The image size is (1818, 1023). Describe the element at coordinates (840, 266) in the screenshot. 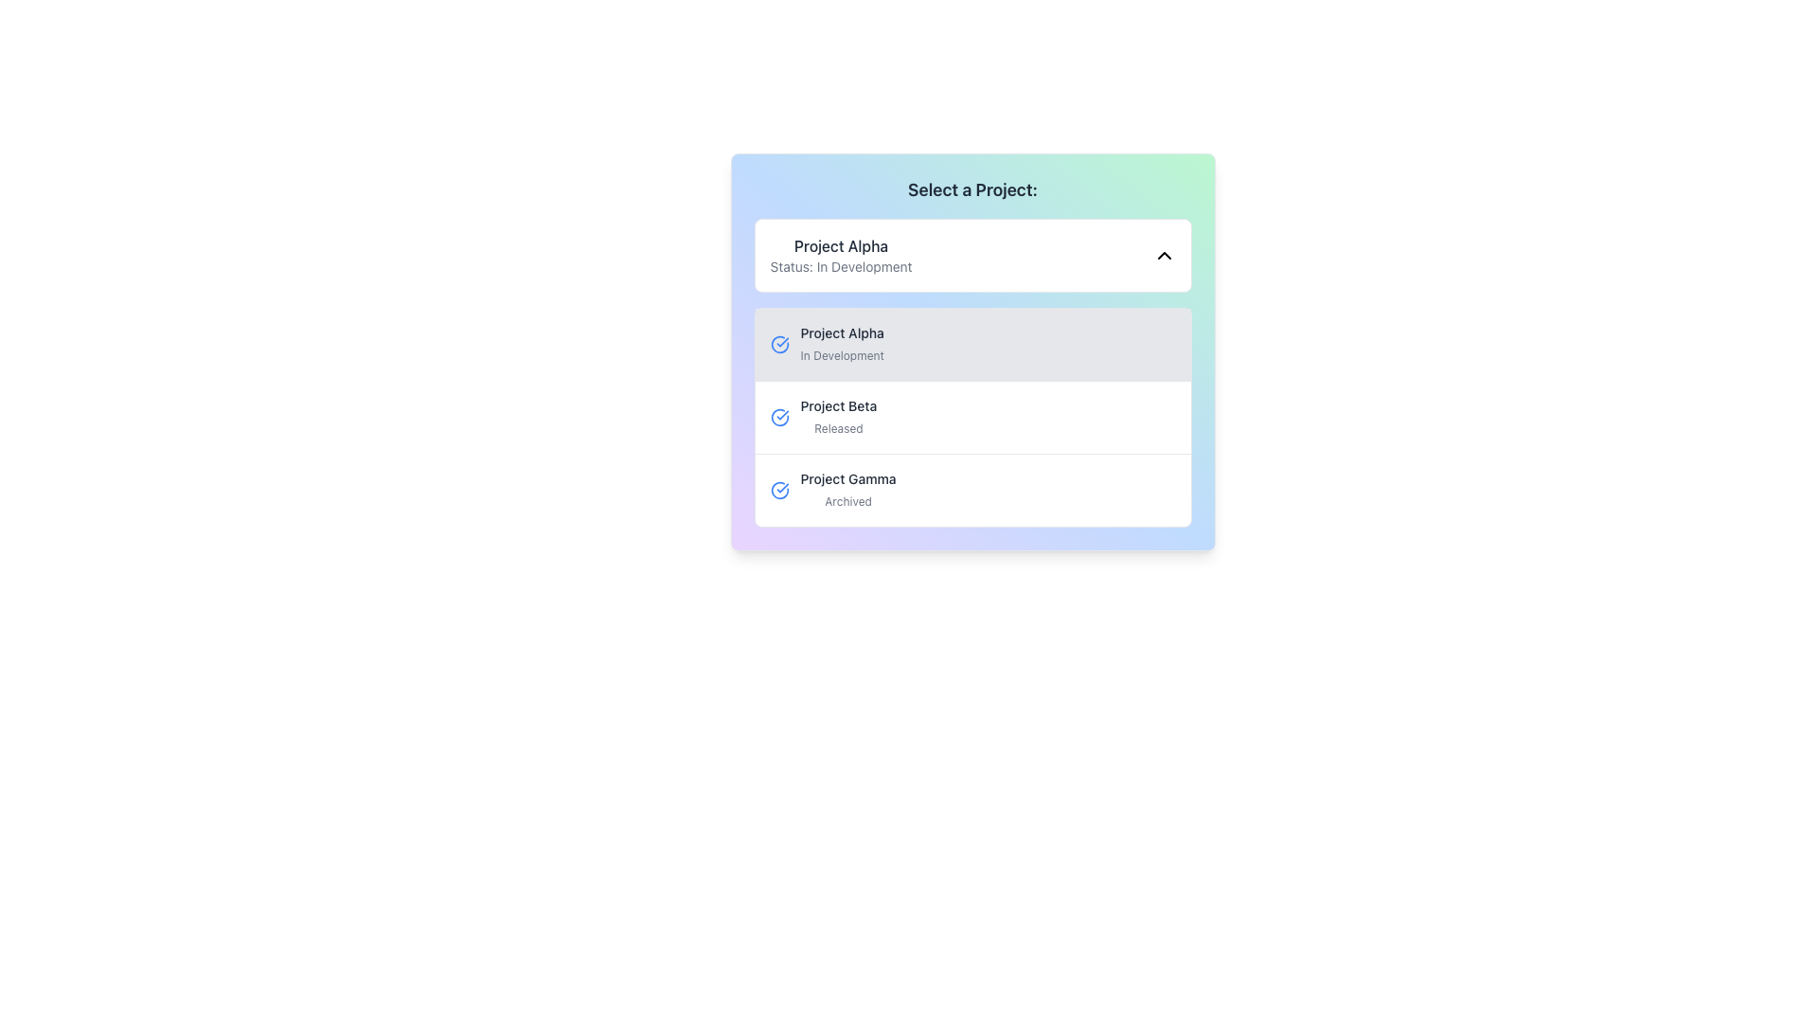

I see `text label displaying 'Status: In Development' located below the title 'Project Alpha' in the dropdown menu interface` at that location.